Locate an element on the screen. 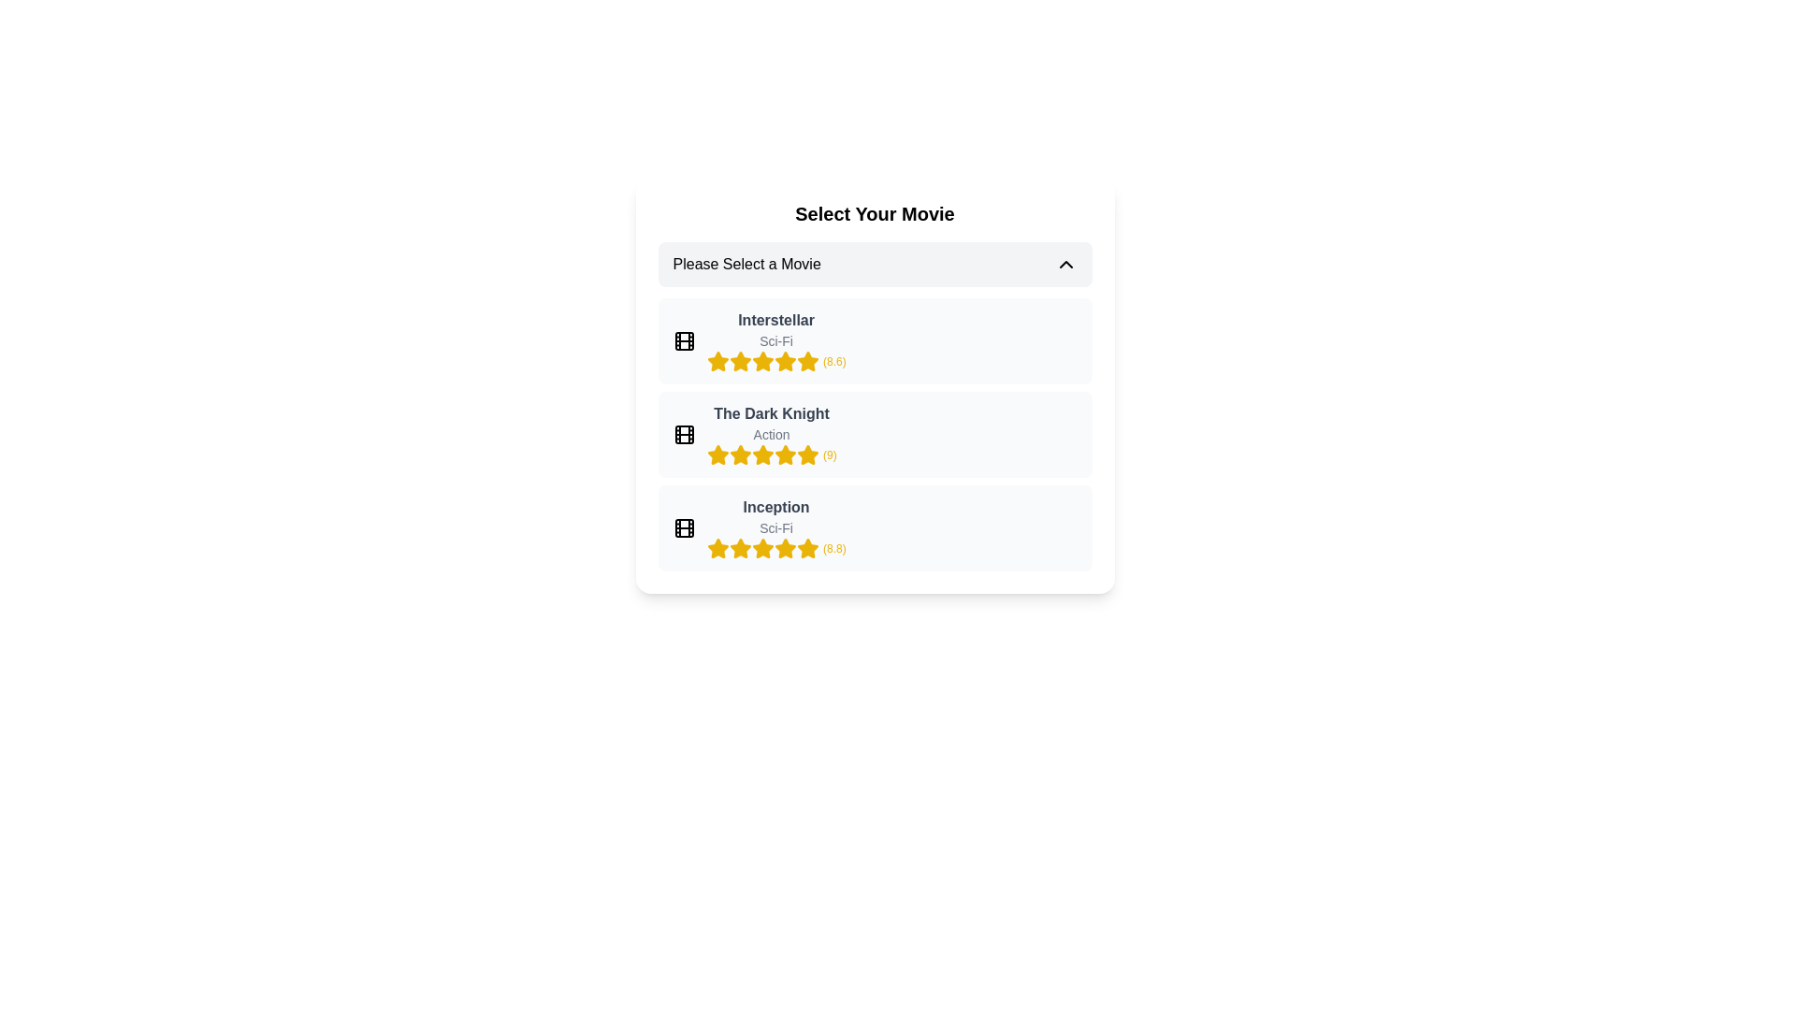 This screenshot has height=1010, width=1796. the third yellow star icon in the rating section for 'The Dark Knight' is located at coordinates (807, 454).